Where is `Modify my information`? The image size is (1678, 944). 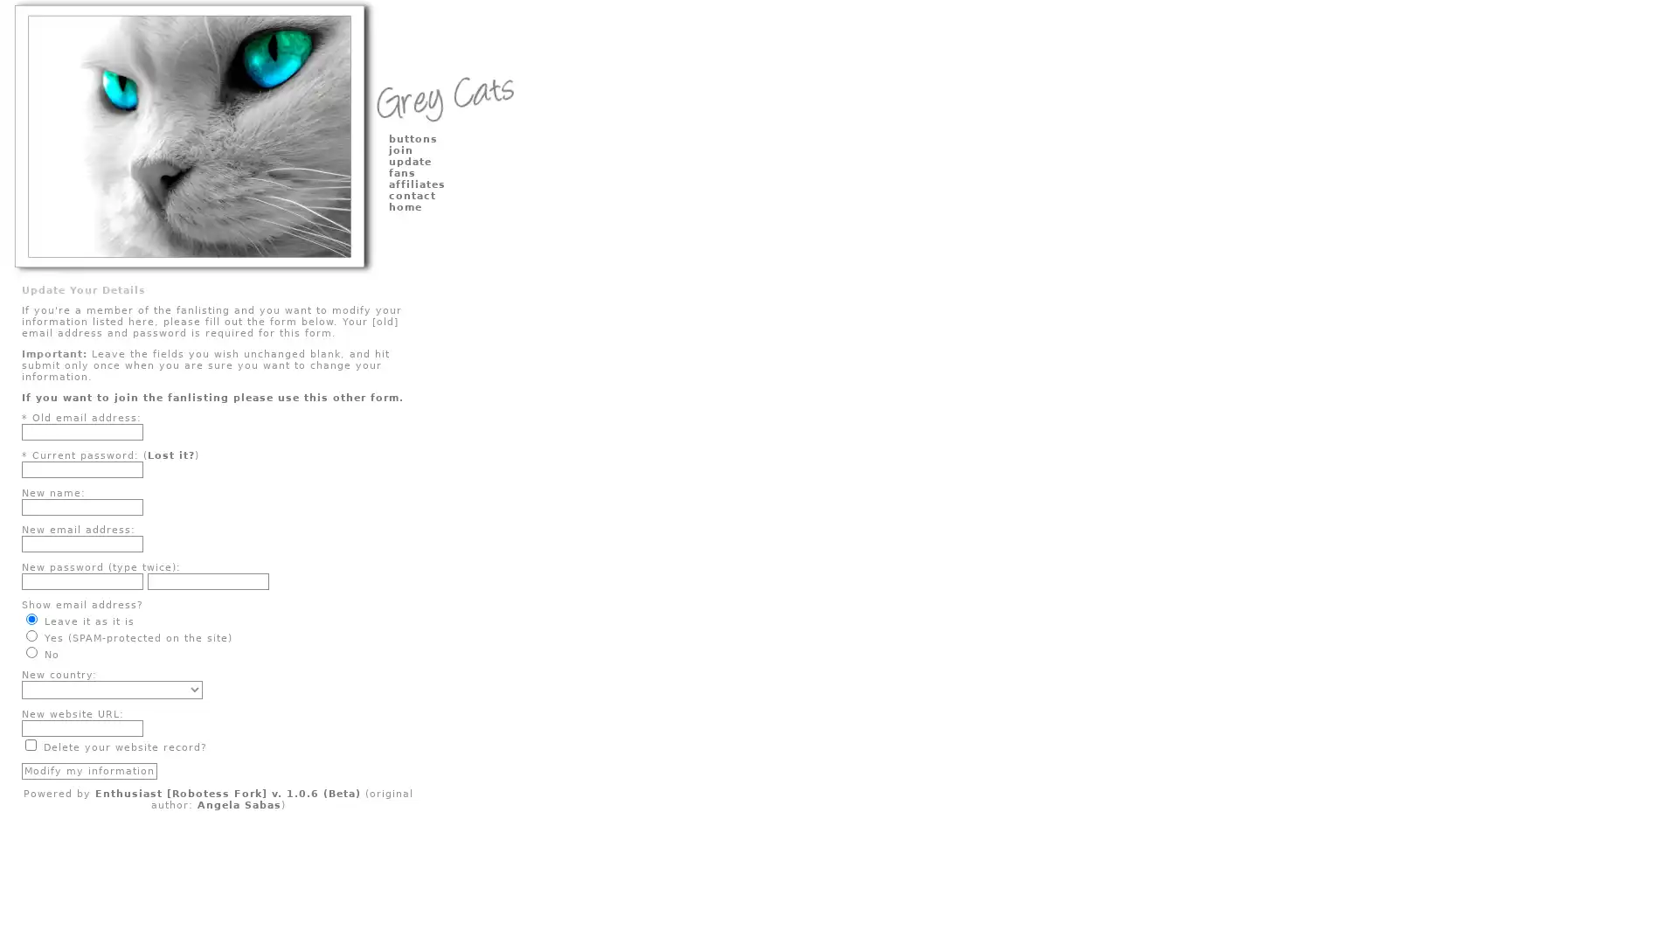
Modify my information is located at coordinates (88, 769).